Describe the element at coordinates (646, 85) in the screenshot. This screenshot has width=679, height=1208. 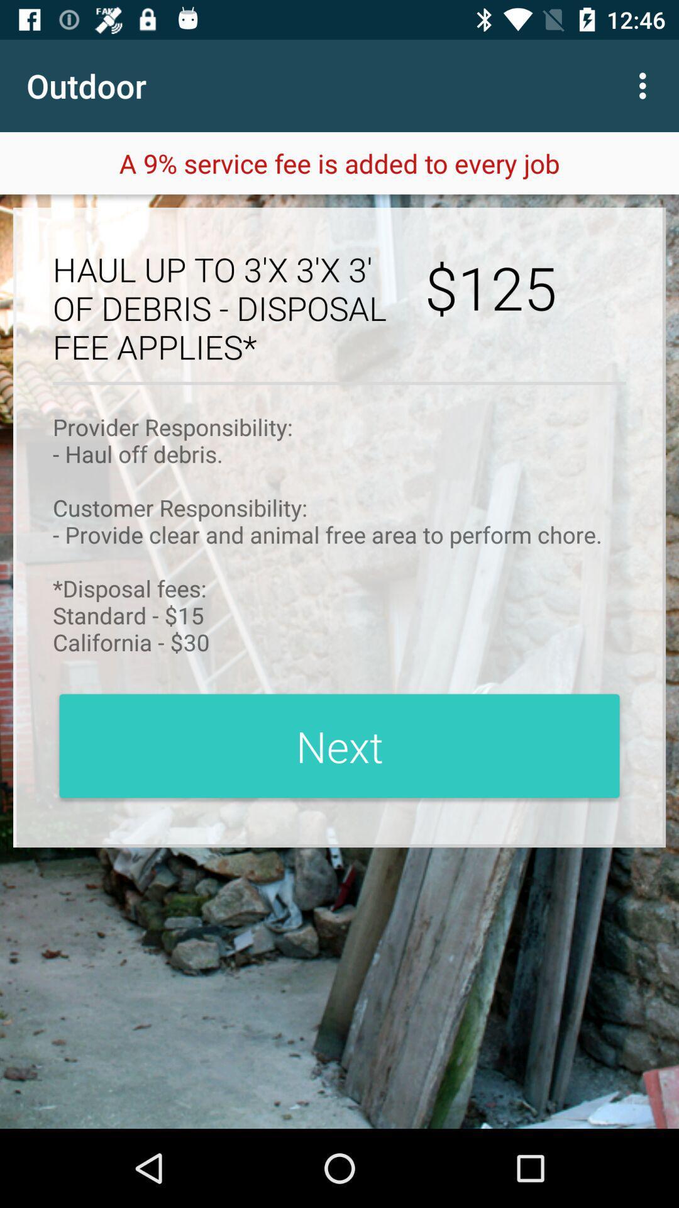
I see `item next to the outdoor item` at that location.